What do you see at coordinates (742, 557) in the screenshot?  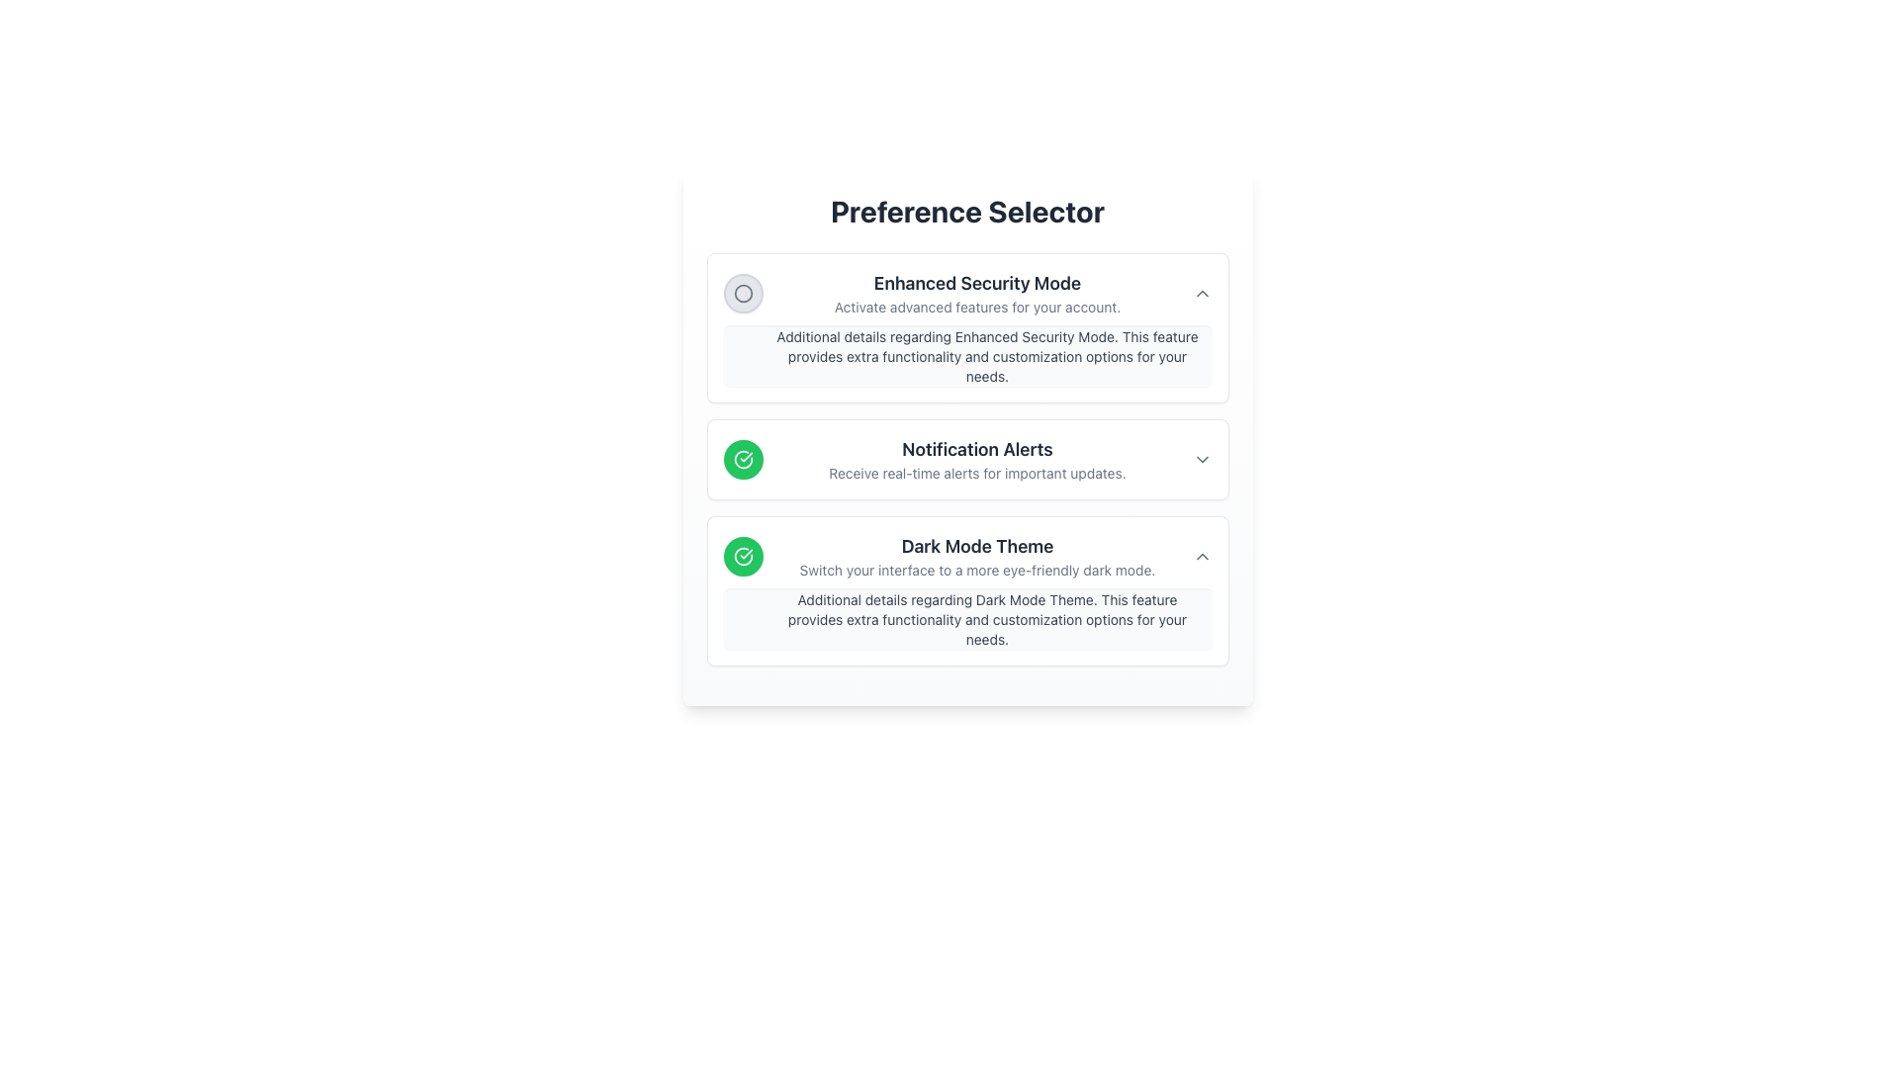 I see `circular green icon with a white check mark located on the left side of the 'Dark Mode Theme' card in the third row of the preference selector` at bounding box center [742, 557].